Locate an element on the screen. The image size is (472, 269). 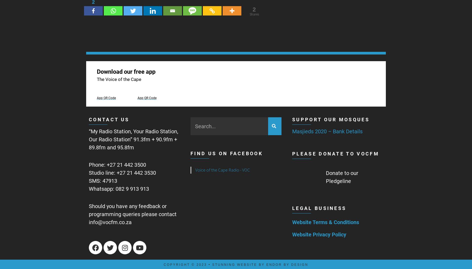
'Masjieds 2020 – Bank Details' is located at coordinates (327, 131).